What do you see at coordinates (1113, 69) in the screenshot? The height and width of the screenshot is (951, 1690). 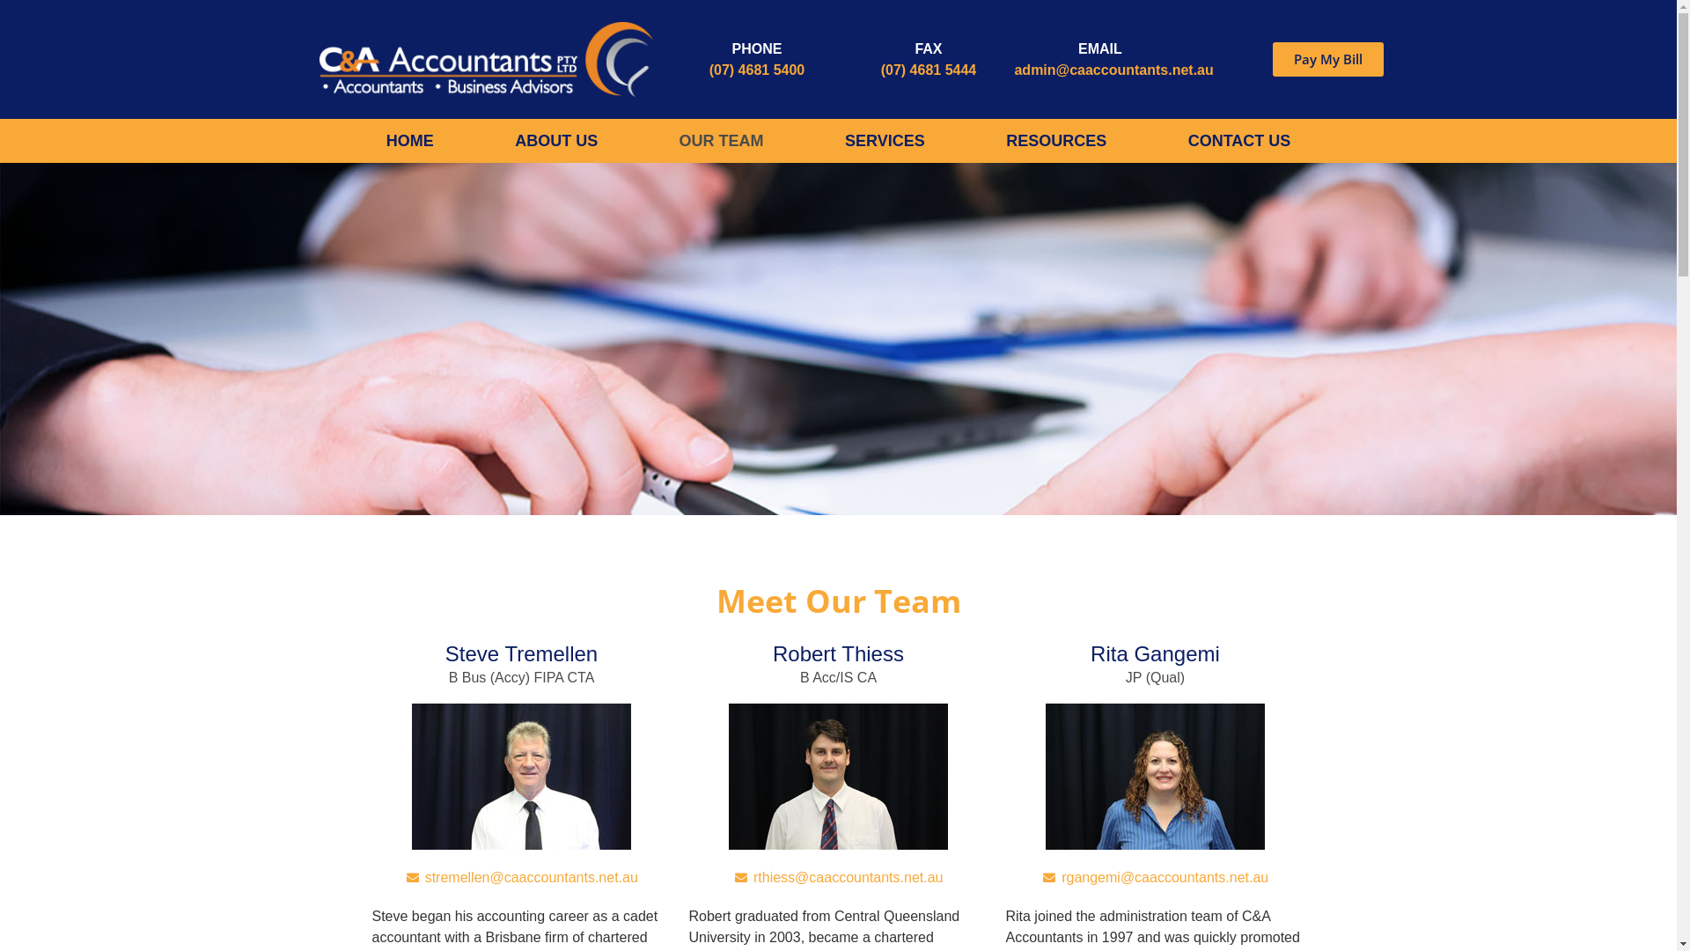 I see `'admin@caaccountants.net.au'` at bounding box center [1113, 69].